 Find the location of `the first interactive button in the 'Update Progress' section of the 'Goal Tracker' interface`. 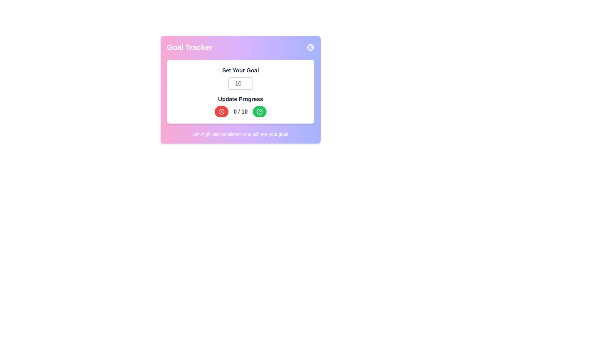

the first interactive button in the 'Update Progress' section of the 'Goal Tracker' interface is located at coordinates (222, 111).